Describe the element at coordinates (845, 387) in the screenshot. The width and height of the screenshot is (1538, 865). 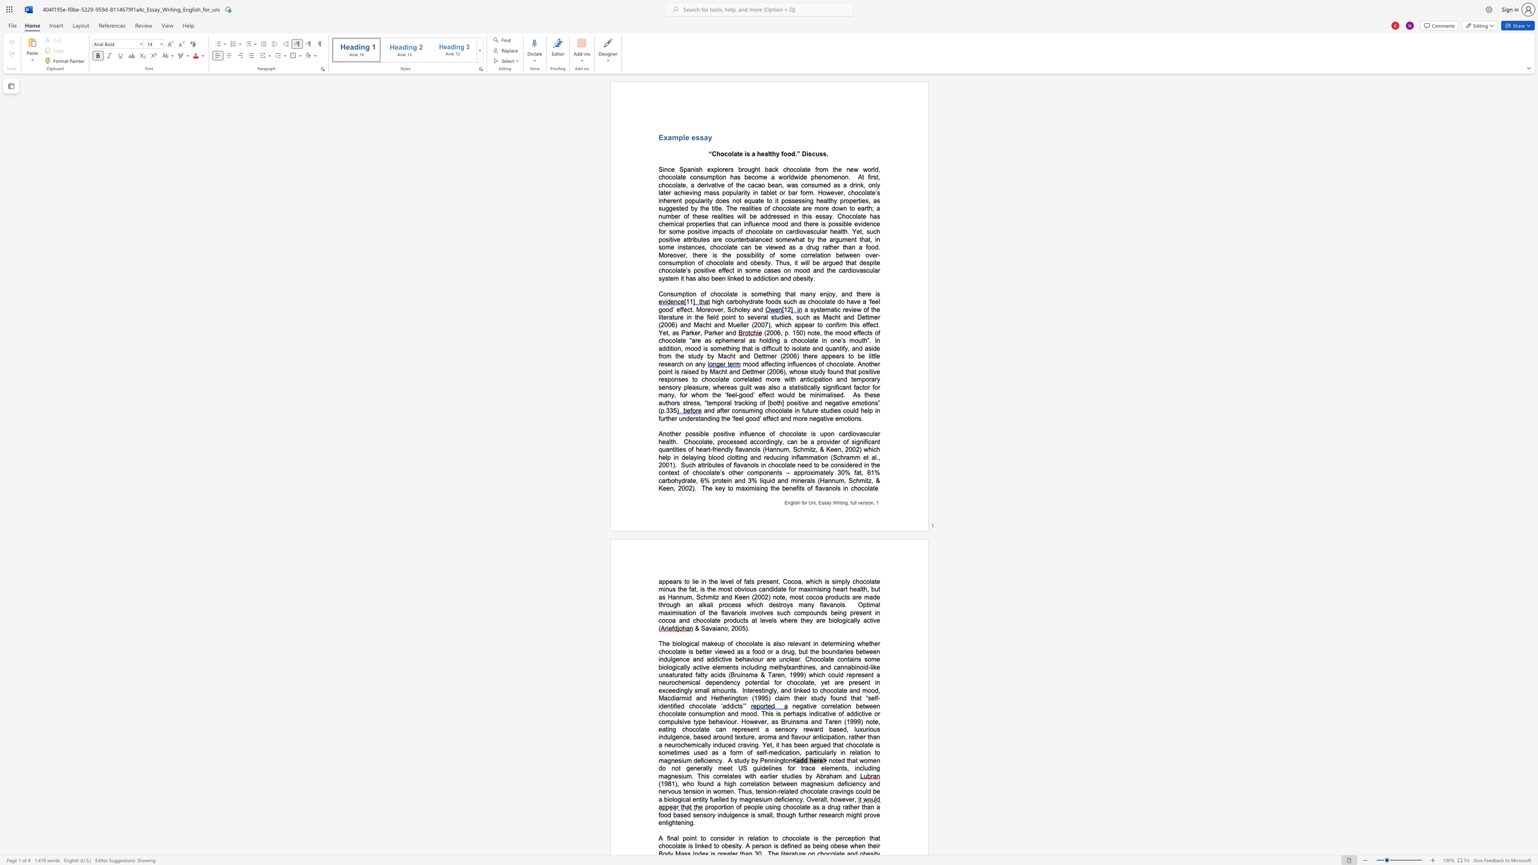
I see `the subset text "nt factor for many, fo" within the text "guilt was also a statistically significant factor for many, for whom the ‘feel-good’ effect would be min"` at that location.